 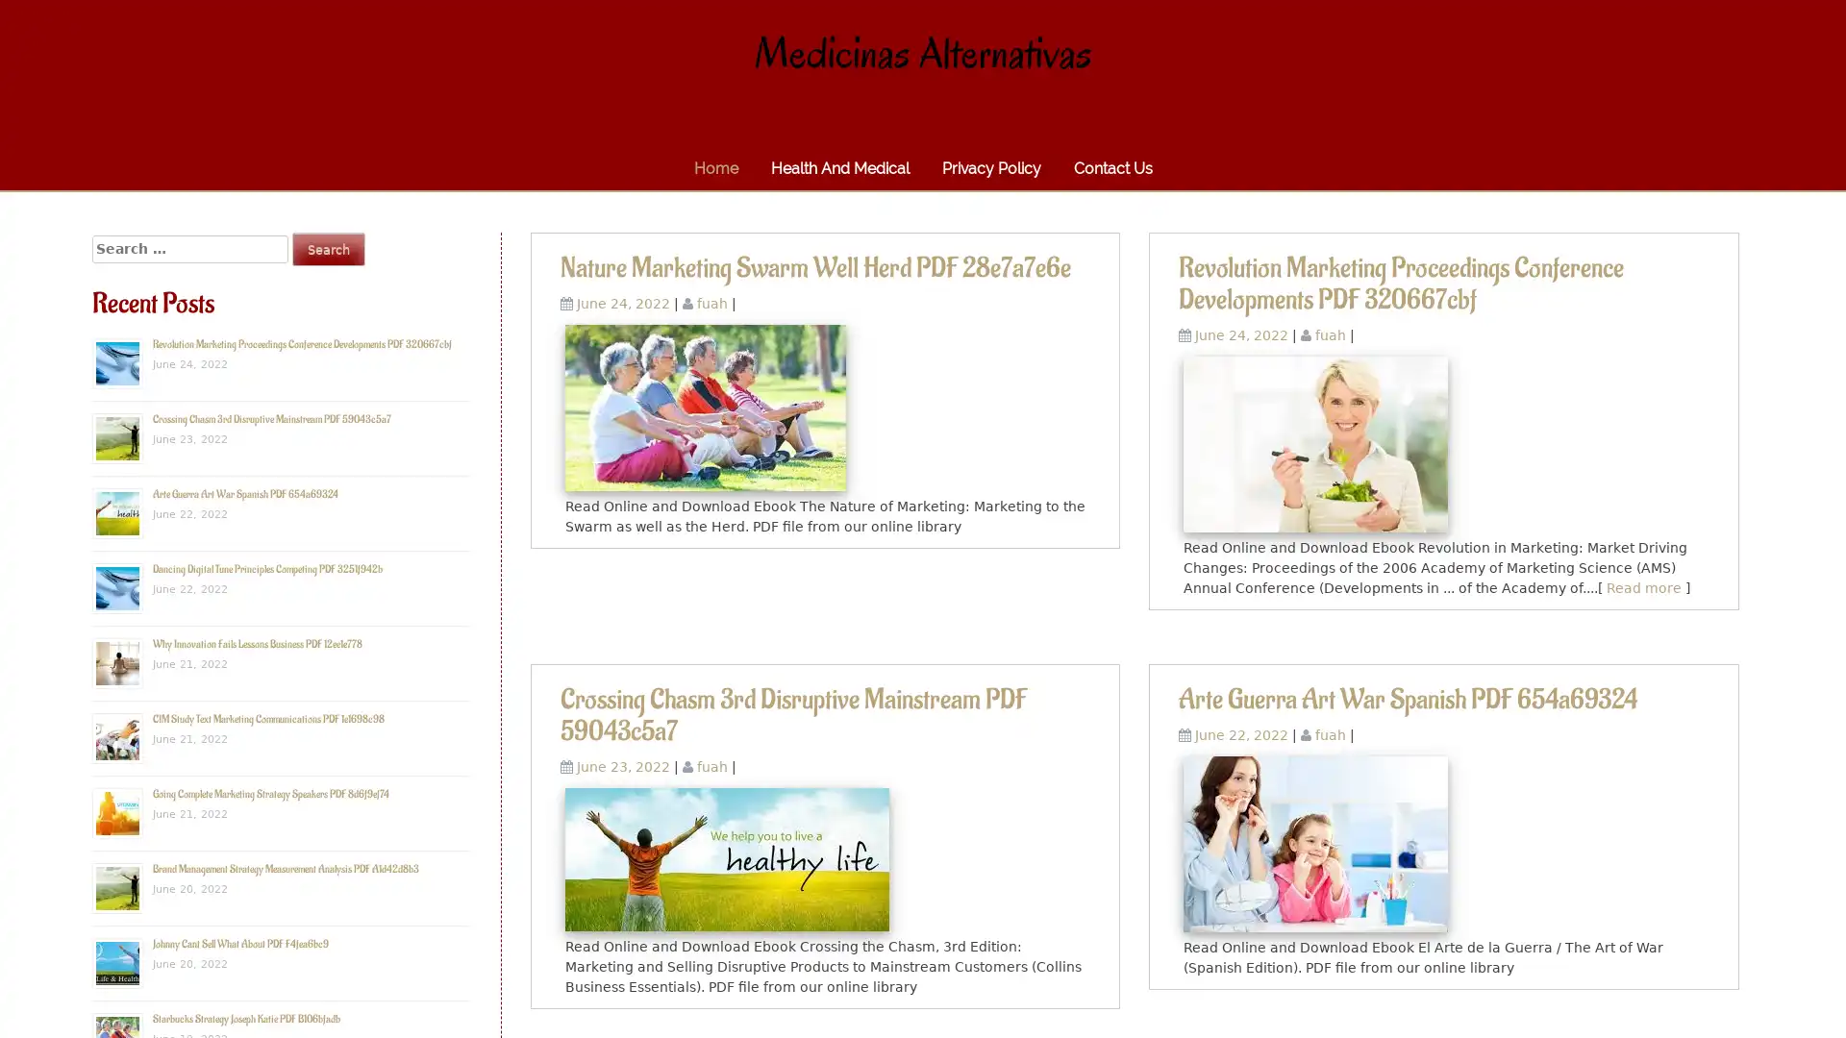 What do you see at coordinates (328, 248) in the screenshot?
I see `Search` at bounding box center [328, 248].